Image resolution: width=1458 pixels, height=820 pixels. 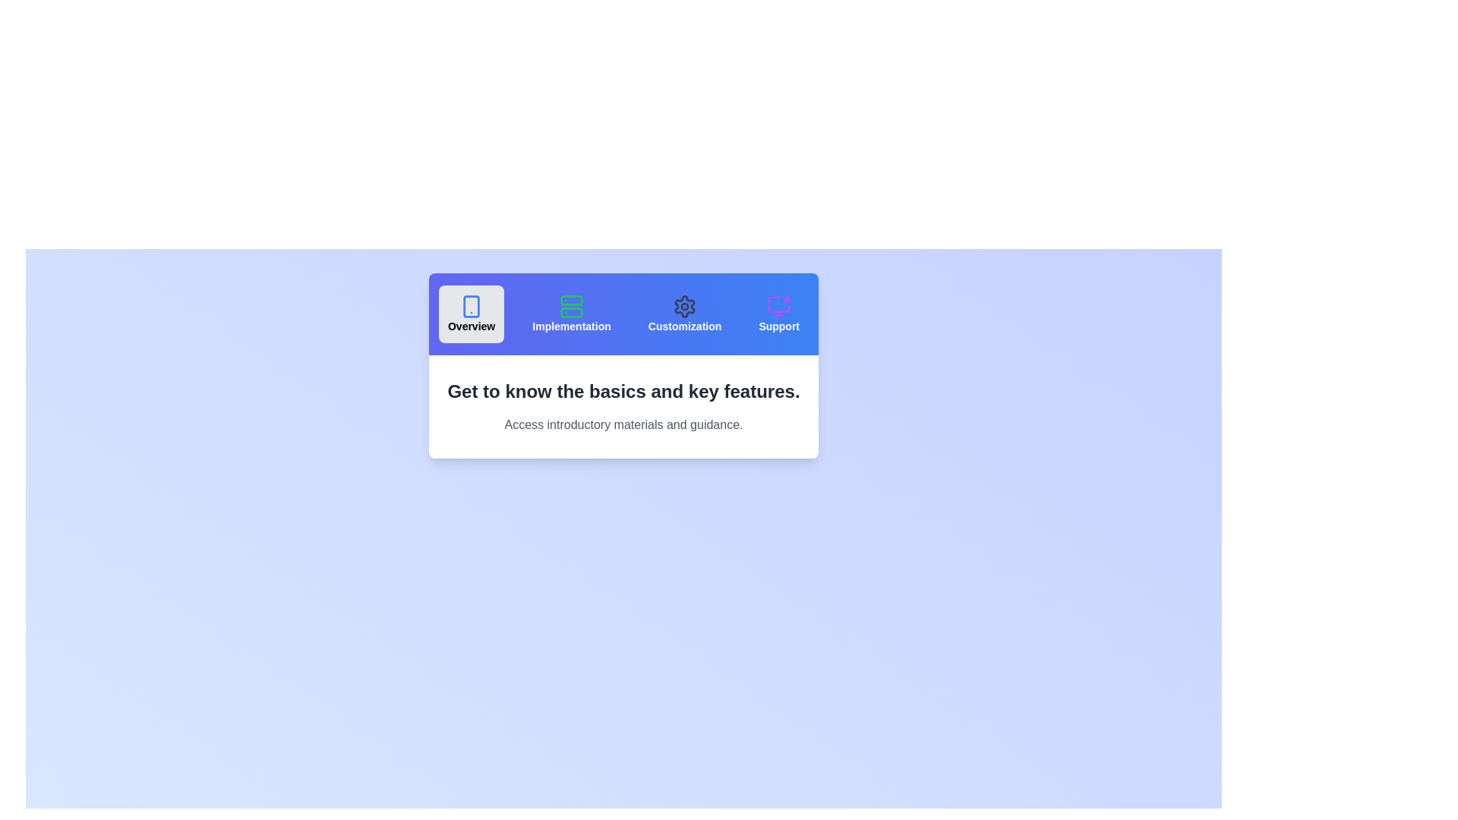 What do you see at coordinates (571, 313) in the screenshot?
I see `the tab labeled Implementation to view its details` at bounding box center [571, 313].